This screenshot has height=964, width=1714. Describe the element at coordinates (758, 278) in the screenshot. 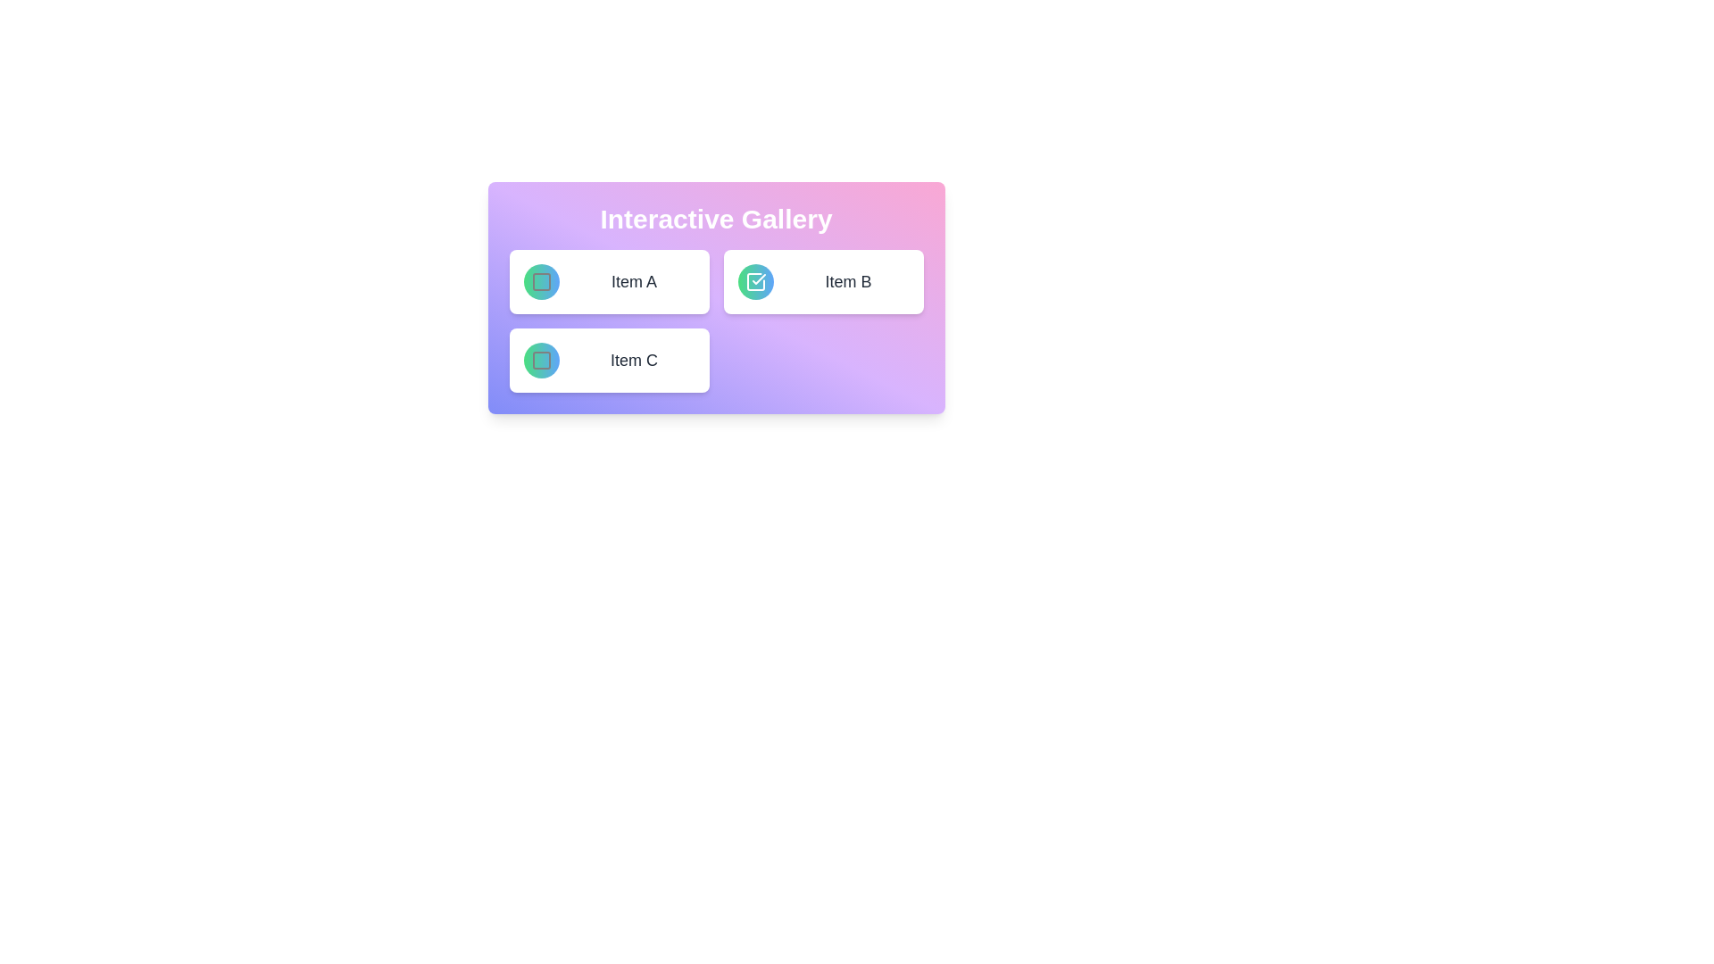

I see `the decorative check mark icon located in the right-side icon of the second row under the 'Interactive Gallery' section` at that location.